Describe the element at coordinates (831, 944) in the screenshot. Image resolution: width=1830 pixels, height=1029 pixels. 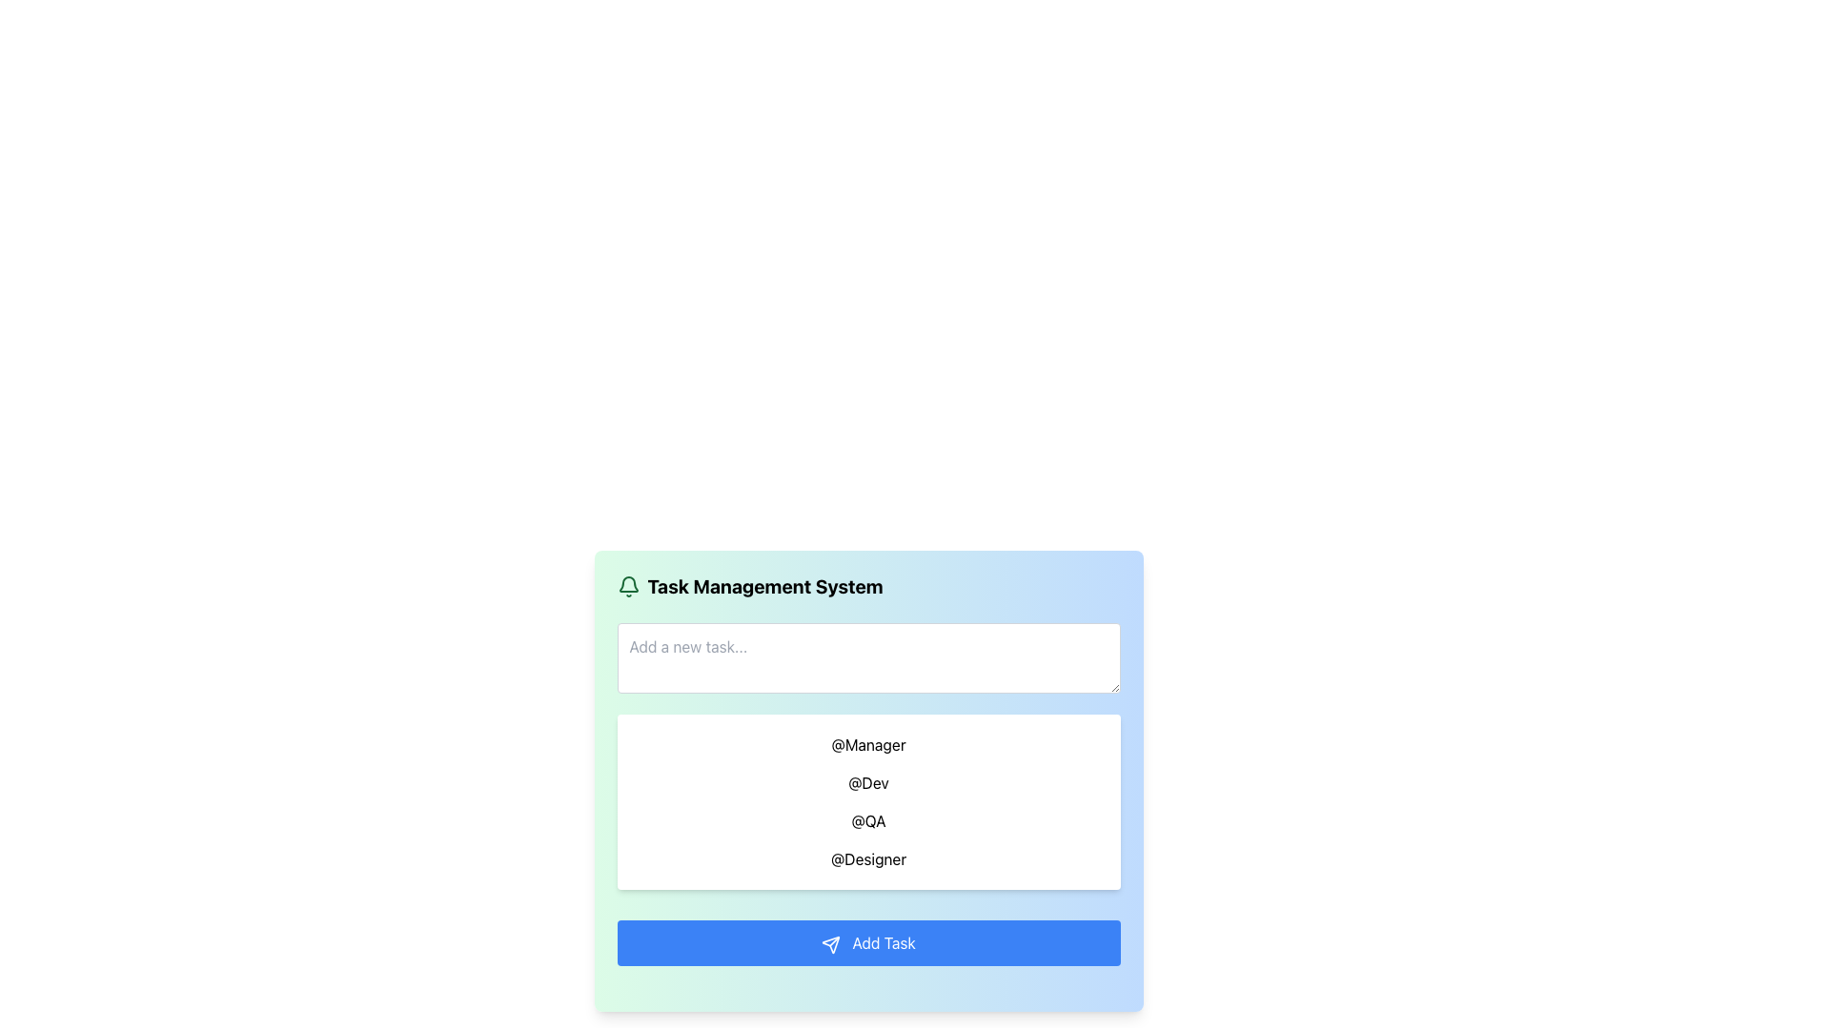
I see `the SVG icon resembling a paper airplane, which is located within the 'Add Task' button, positioned to the left of the 'Add Task' text label` at that location.